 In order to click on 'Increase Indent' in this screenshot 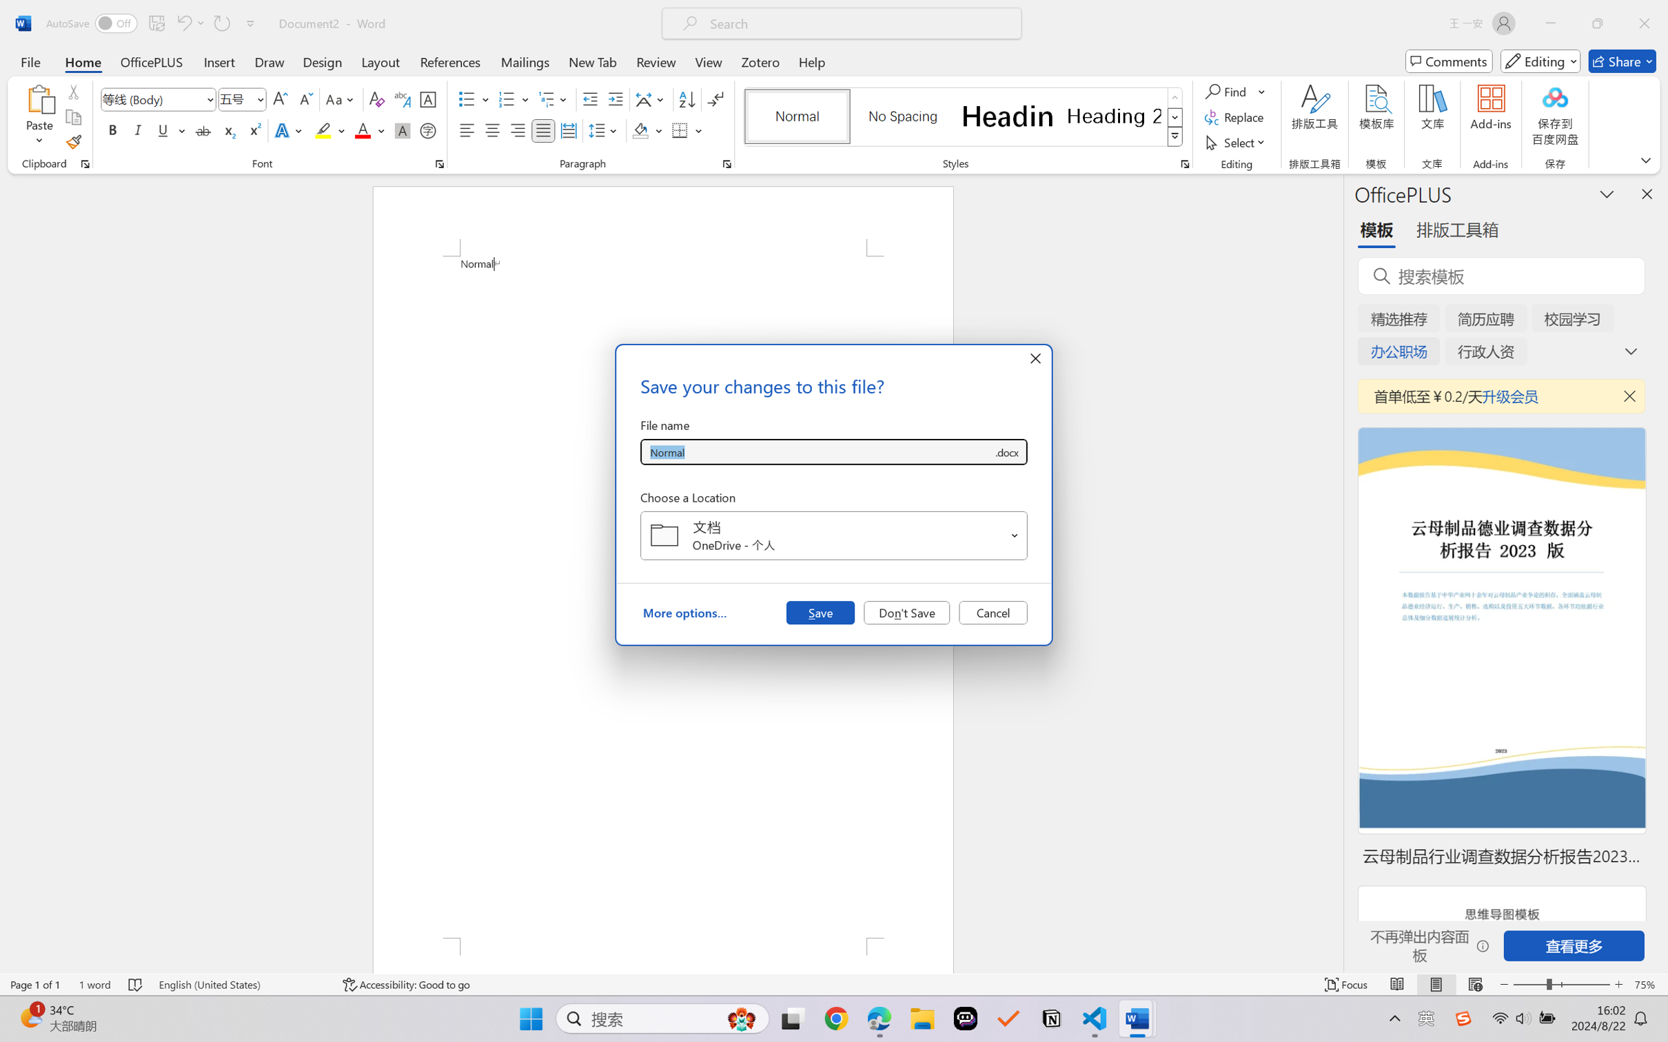, I will do `click(615, 99)`.